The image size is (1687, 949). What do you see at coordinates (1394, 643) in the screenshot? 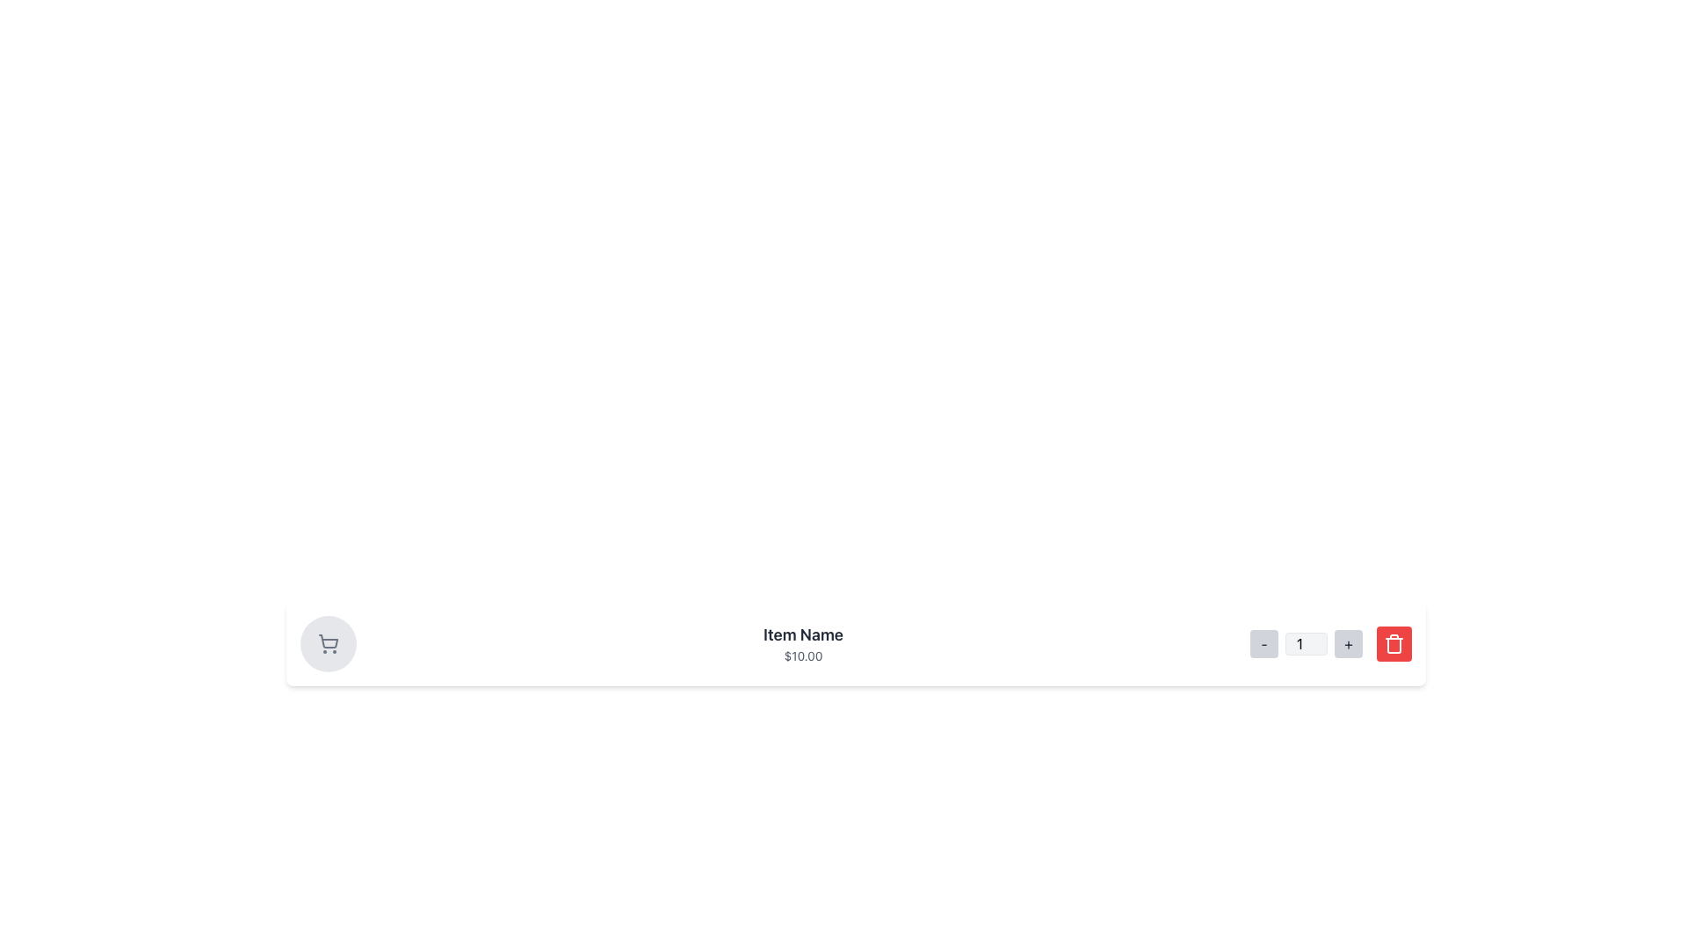
I see `the red rounded rectangular button with a white trash can icon` at bounding box center [1394, 643].